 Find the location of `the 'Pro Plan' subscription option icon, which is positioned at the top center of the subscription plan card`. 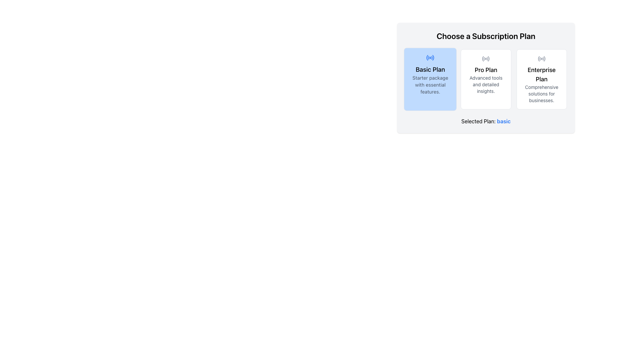

the 'Pro Plan' subscription option icon, which is positioned at the top center of the subscription plan card is located at coordinates (486, 58).